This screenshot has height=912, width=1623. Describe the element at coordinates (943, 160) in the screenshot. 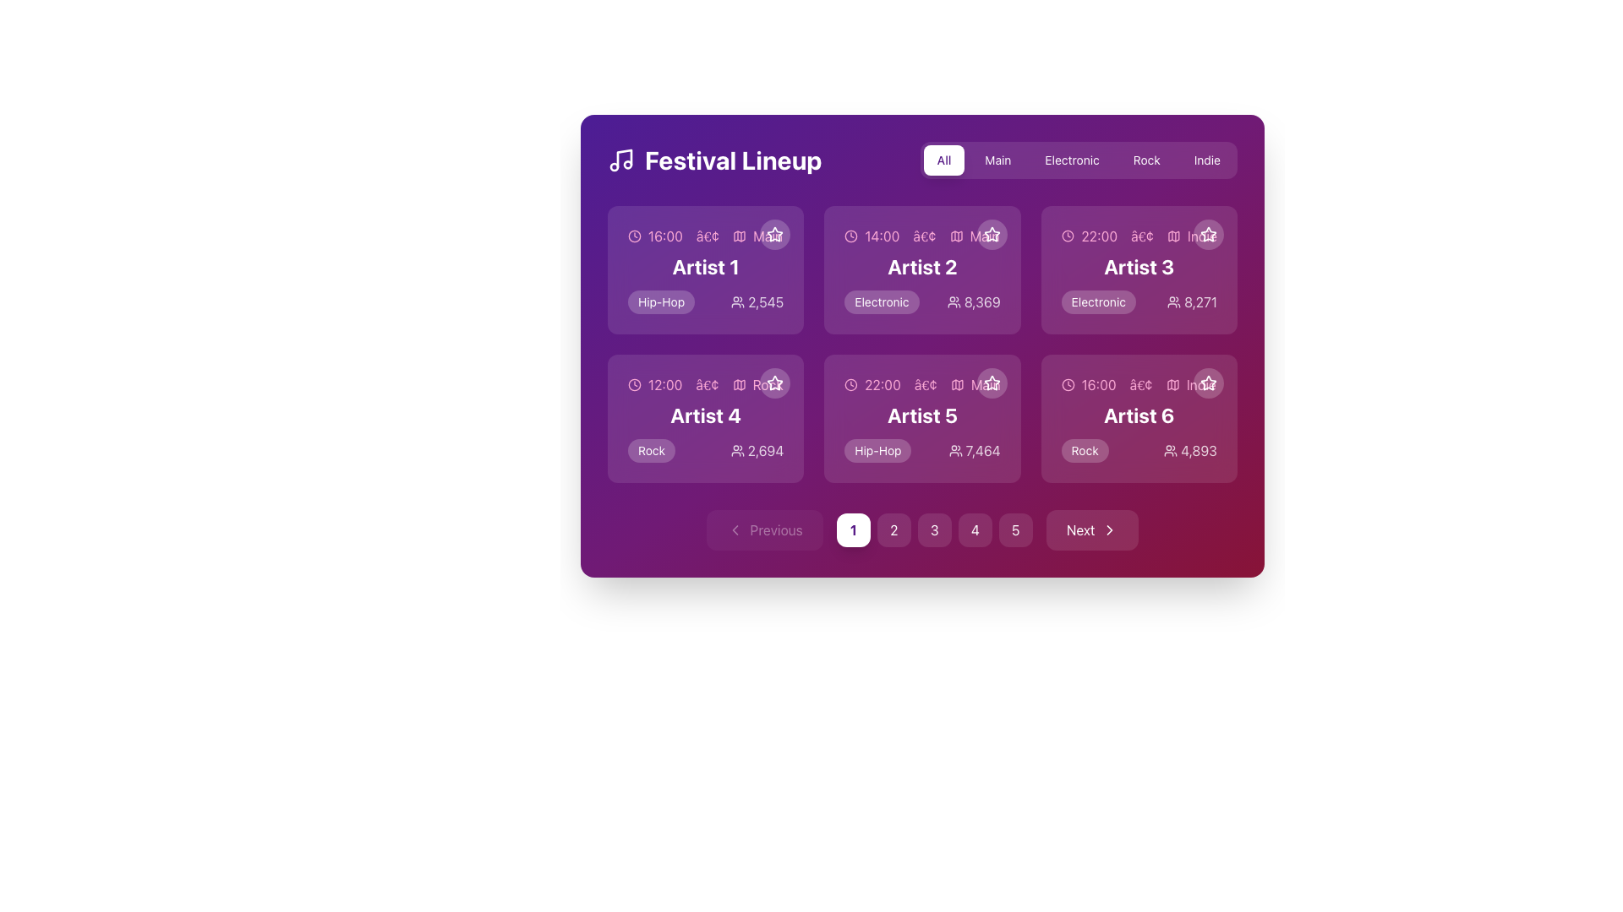

I see `the filter button located in the top-right corner of the 'Festival Lineup' card` at that location.